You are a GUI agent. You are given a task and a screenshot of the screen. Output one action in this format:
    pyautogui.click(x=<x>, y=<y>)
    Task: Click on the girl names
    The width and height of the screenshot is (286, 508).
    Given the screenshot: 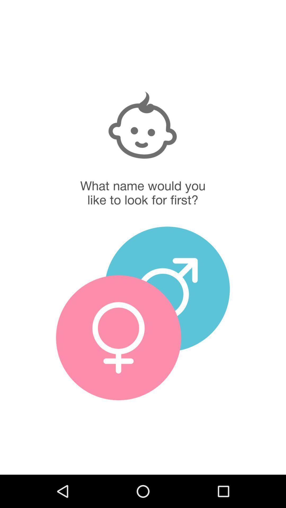 What is the action you would take?
    pyautogui.click(x=118, y=337)
    